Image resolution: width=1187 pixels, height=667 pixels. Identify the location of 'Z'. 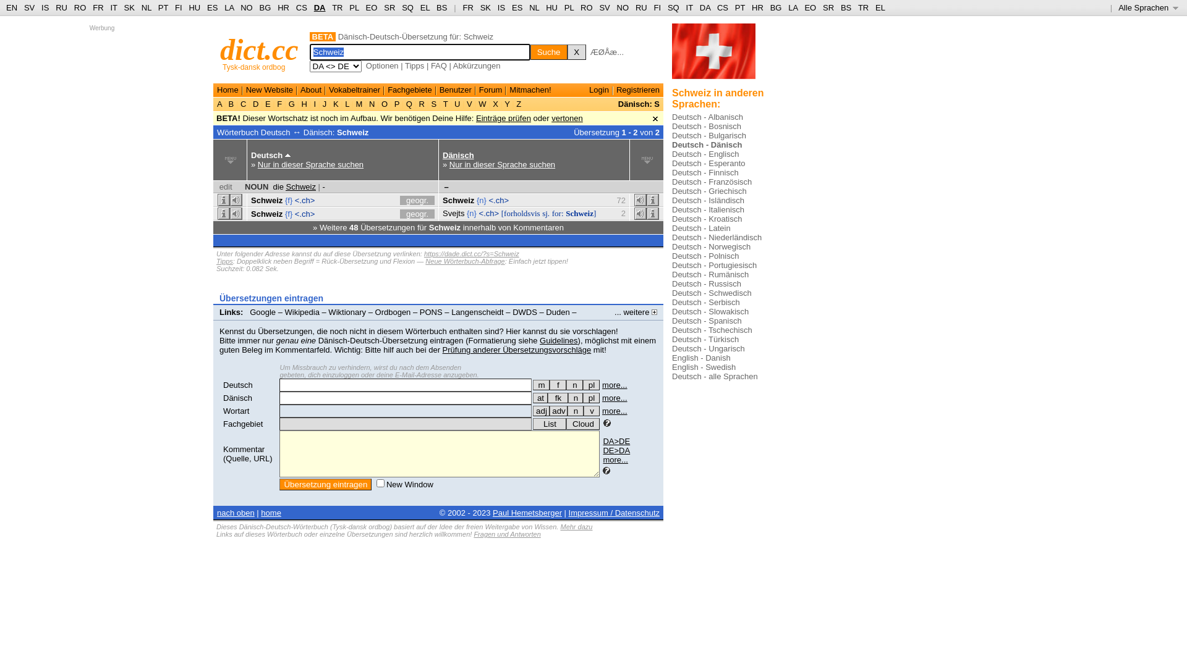
(519, 103).